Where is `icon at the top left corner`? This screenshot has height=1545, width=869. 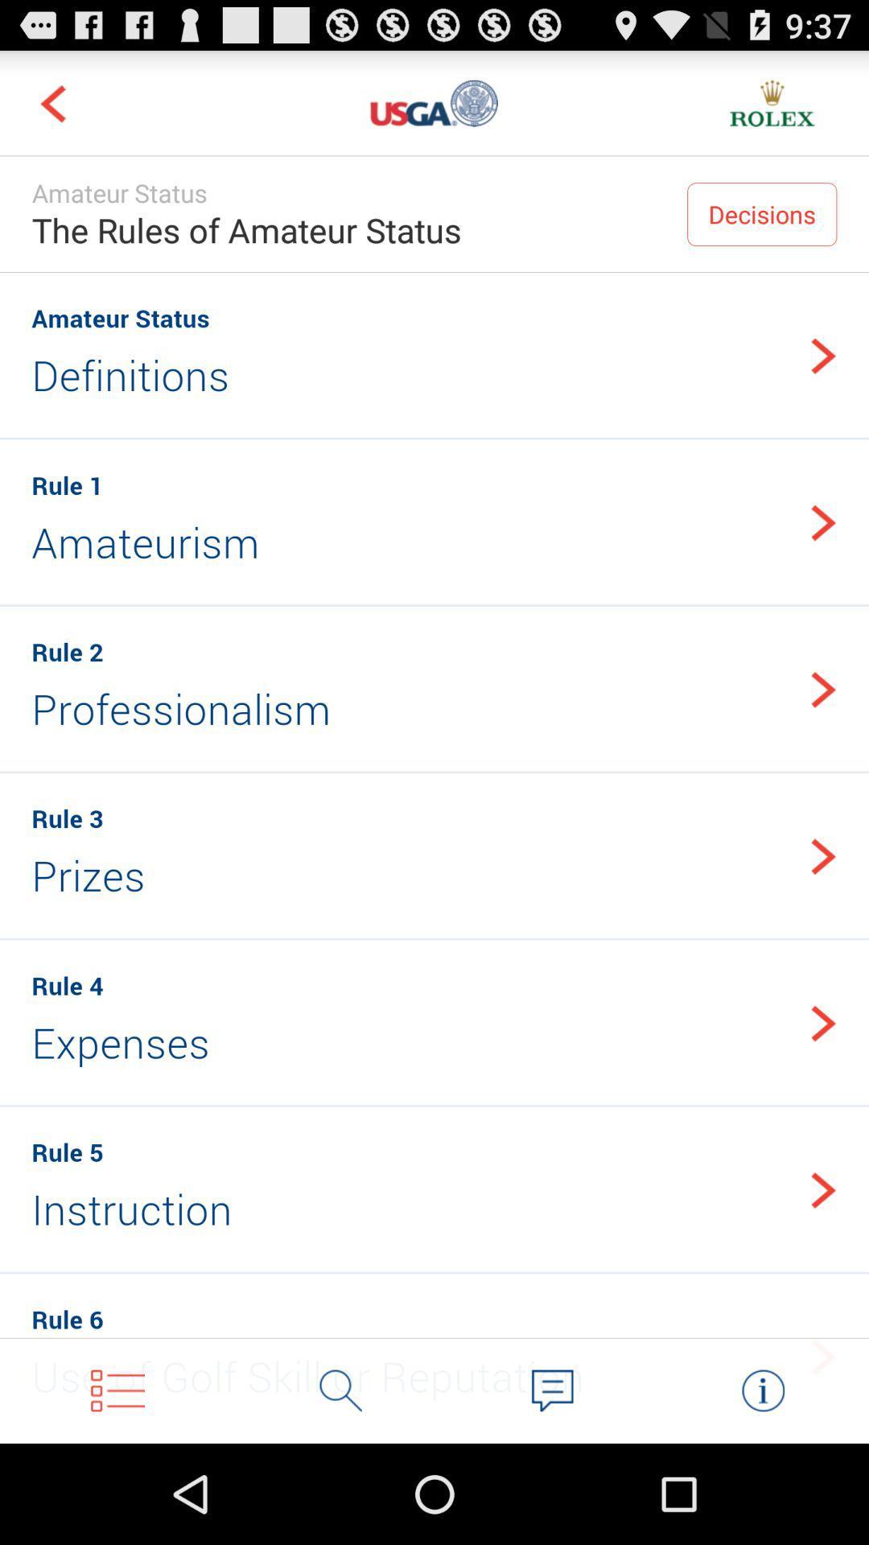 icon at the top left corner is located at coordinates (51, 102).